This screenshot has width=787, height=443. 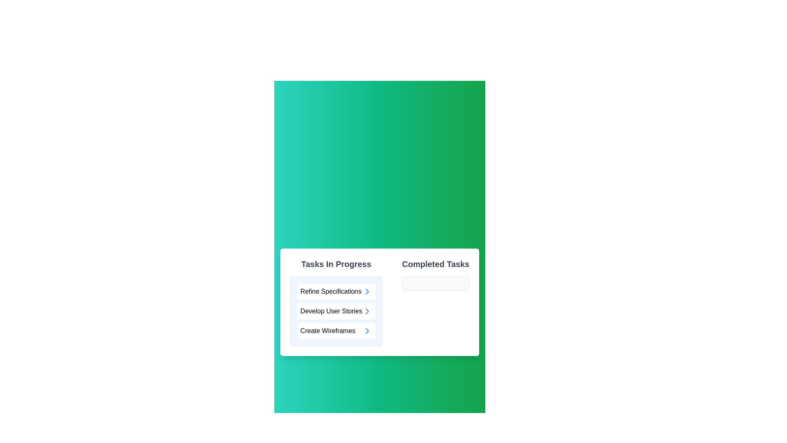 I want to click on the task Develop User Stories to highlight it, so click(x=336, y=311).